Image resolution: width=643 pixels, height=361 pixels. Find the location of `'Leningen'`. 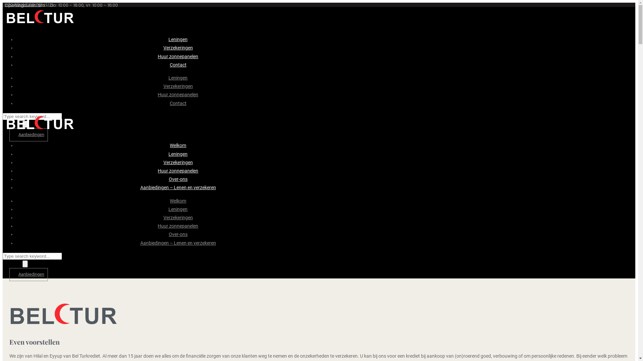

'Leningen' is located at coordinates (178, 154).